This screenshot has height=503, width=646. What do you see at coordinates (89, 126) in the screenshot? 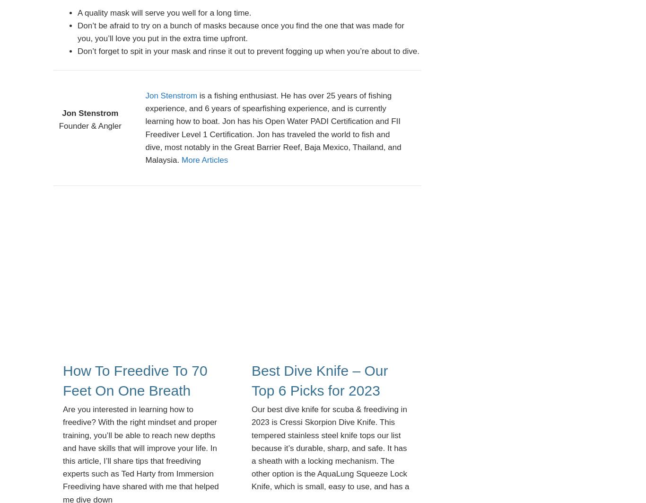
I see `'Founder & Angler'` at bounding box center [89, 126].